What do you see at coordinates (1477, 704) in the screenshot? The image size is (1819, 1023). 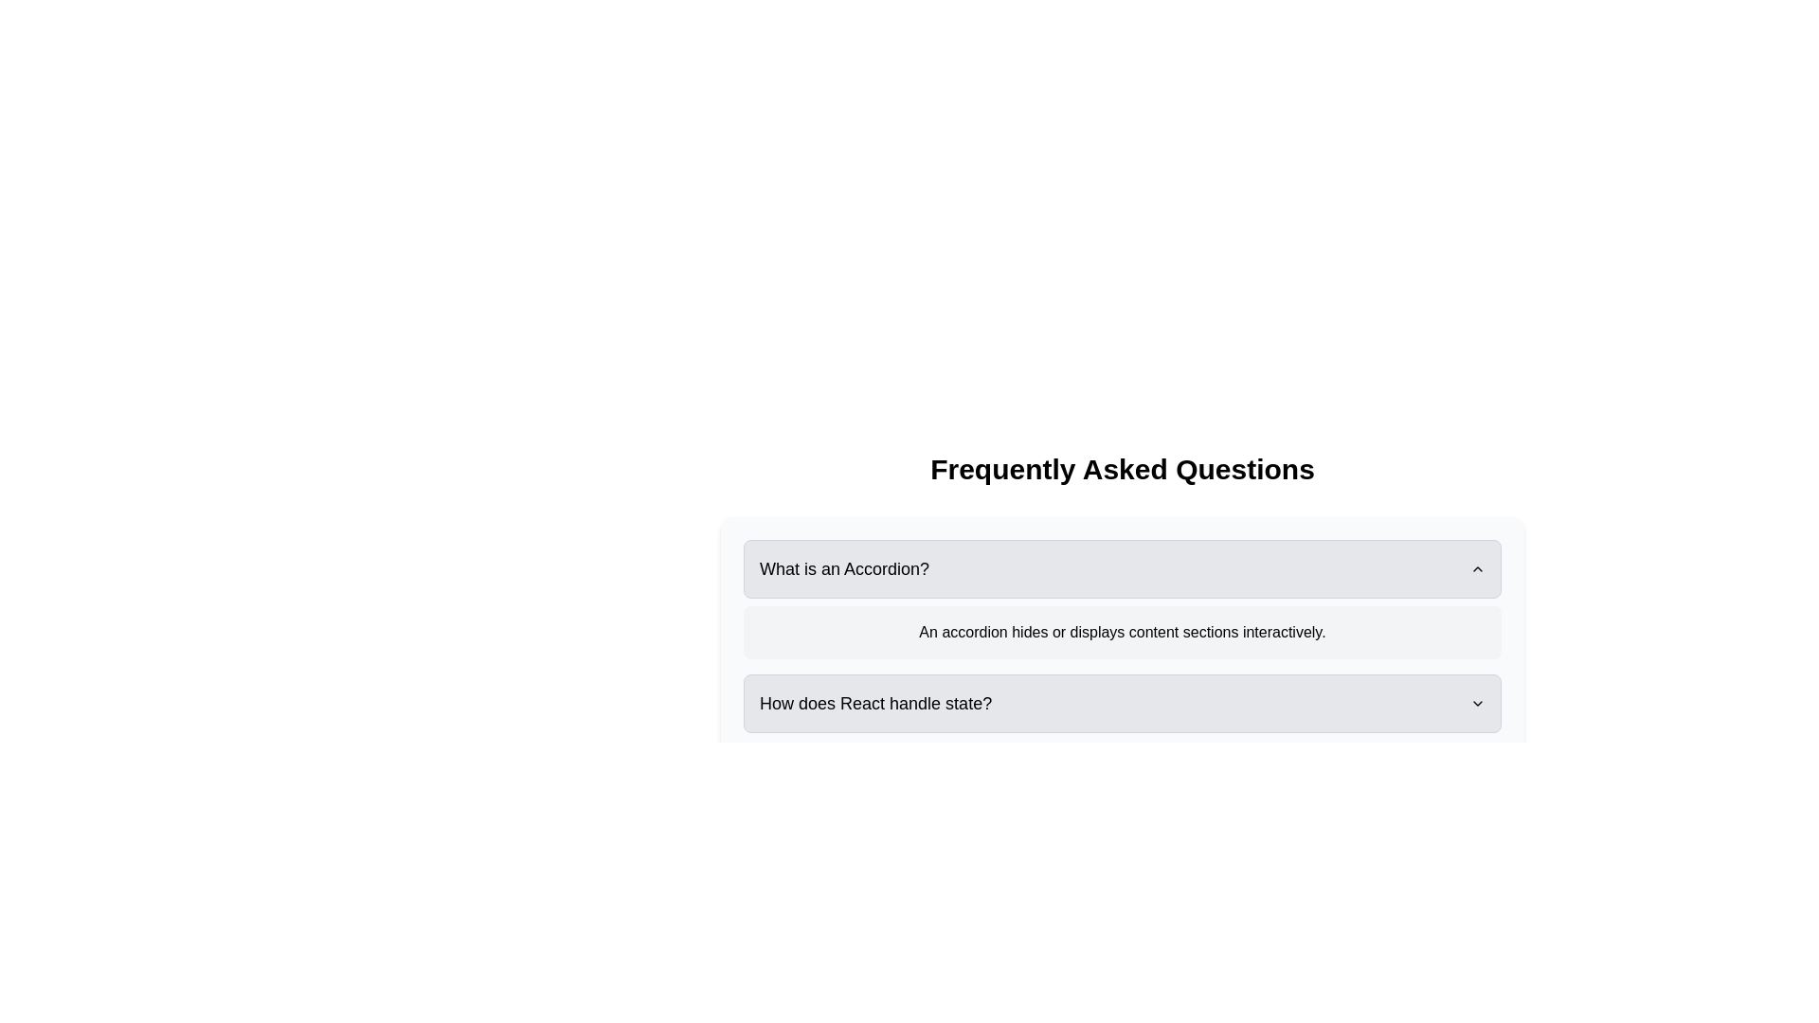 I see `the downward chevron icon at the far right of the row labeled 'How does React handle state?'` at bounding box center [1477, 704].